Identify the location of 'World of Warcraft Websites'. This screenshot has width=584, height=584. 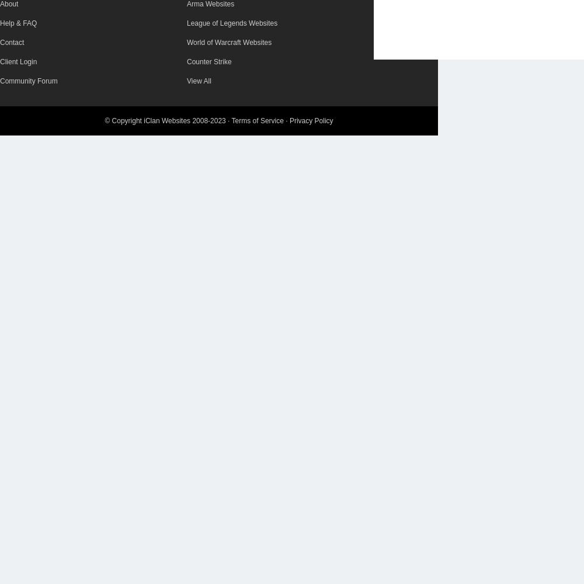
(229, 42).